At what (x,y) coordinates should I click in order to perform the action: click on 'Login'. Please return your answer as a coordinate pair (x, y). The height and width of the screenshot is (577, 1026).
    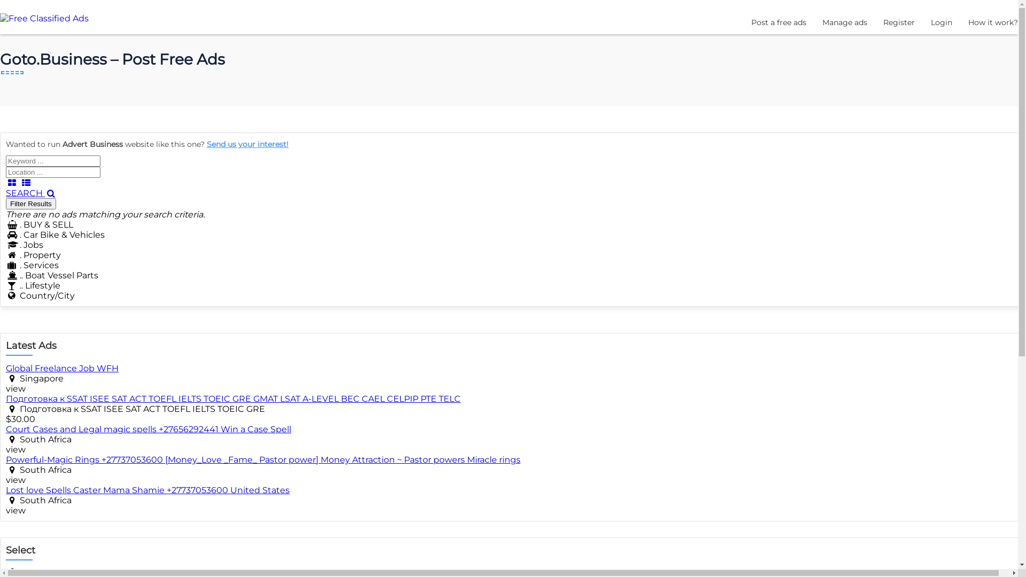
    Looking at the image, I should click on (941, 22).